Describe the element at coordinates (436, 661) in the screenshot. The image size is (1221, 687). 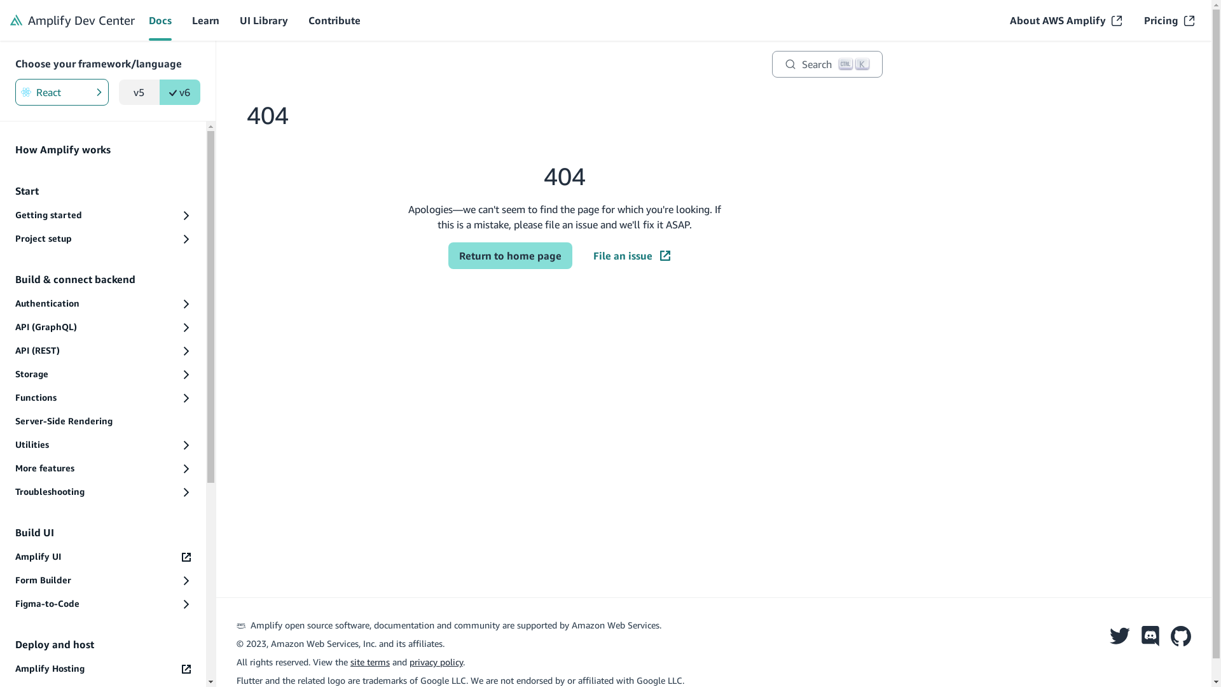
I see `'privacy policy'` at that location.